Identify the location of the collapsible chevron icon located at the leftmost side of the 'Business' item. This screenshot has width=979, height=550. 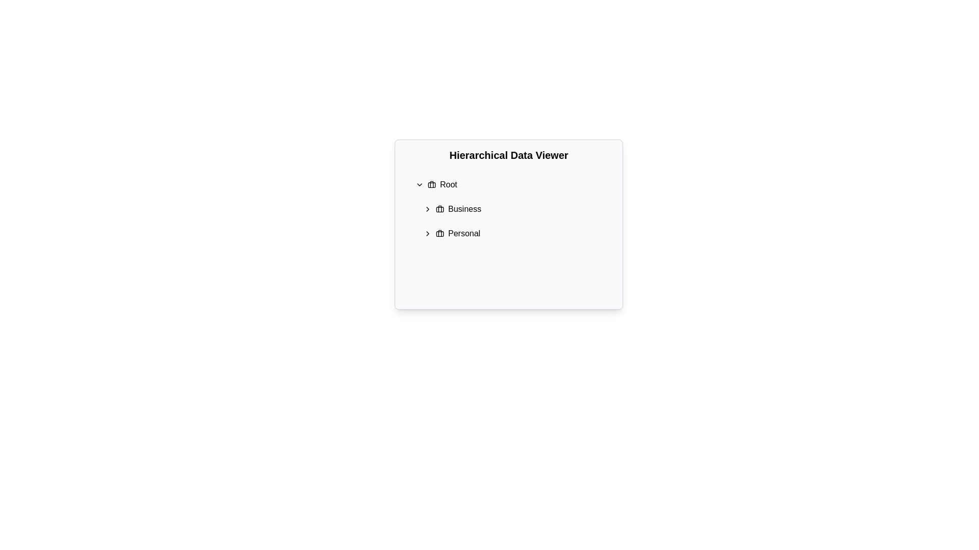
(428, 209).